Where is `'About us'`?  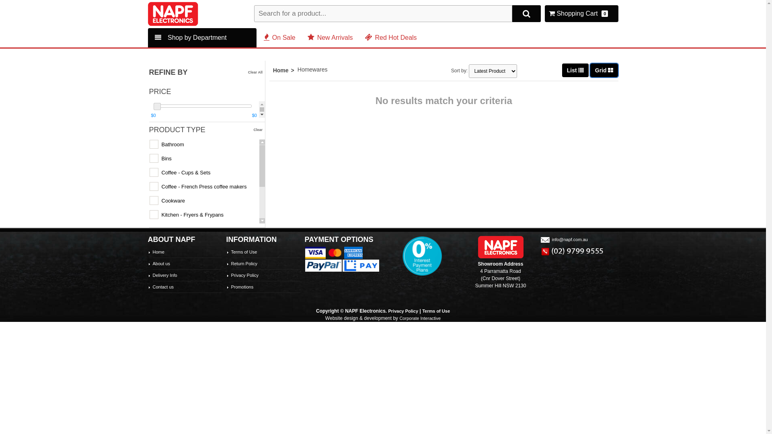 'About us' is located at coordinates (161, 263).